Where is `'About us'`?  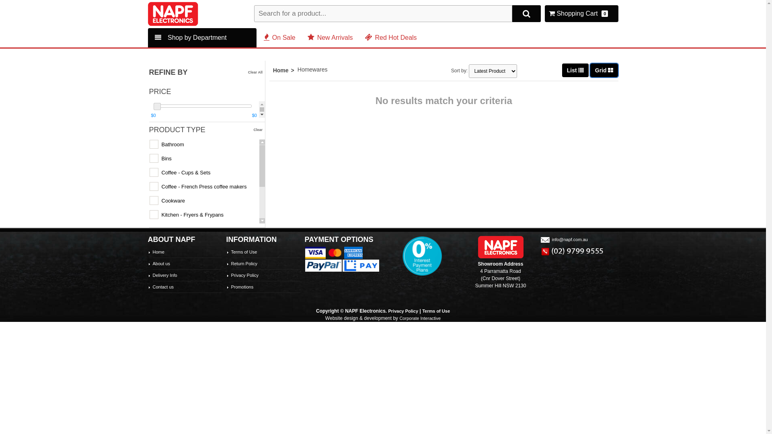 'About us' is located at coordinates (161, 263).